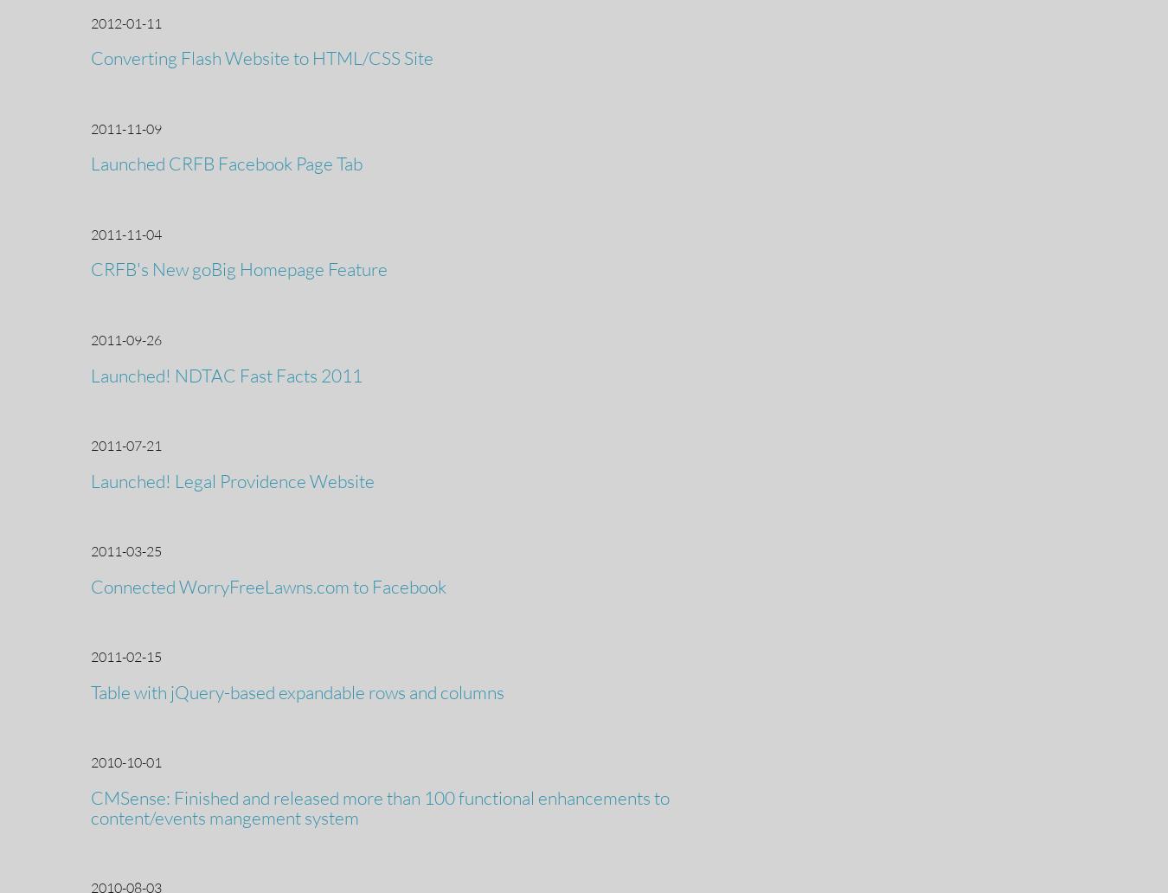 Image resolution: width=1168 pixels, height=893 pixels. What do you see at coordinates (380, 806) in the screenshot?
I see `'CMSense: Finished and released more than 100 functional enhancements to content/events mangement system'` at bounding box center [380, 806].